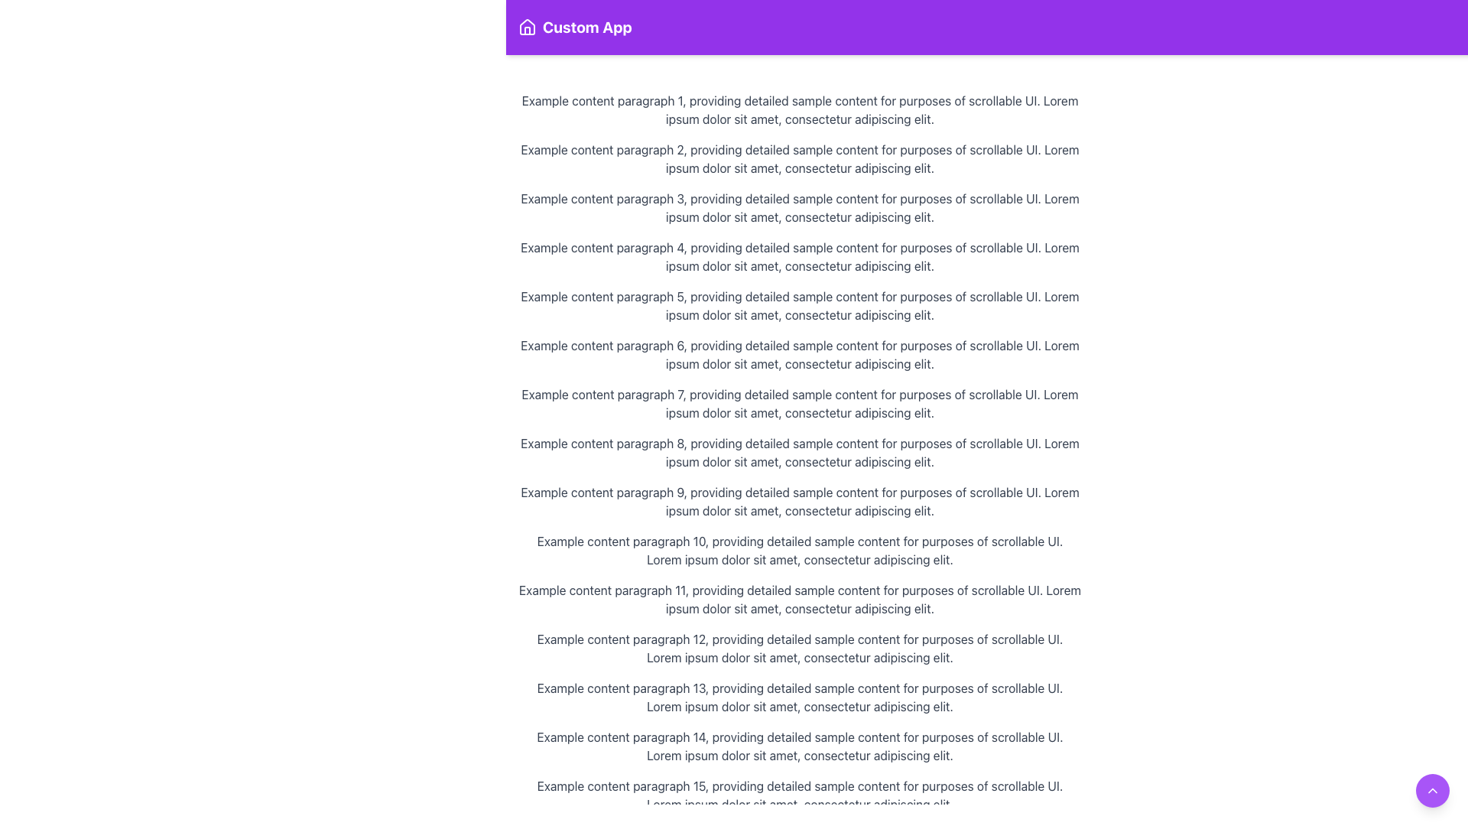 The image size is (1468, 826). What do you see at coordinates (799, 649) in the screenshot?
I see `the text display element, which is the 12th paragraph containing a light gray font color, aligned to the left, and includes detailed sample content` at bounding box center [799, 649].